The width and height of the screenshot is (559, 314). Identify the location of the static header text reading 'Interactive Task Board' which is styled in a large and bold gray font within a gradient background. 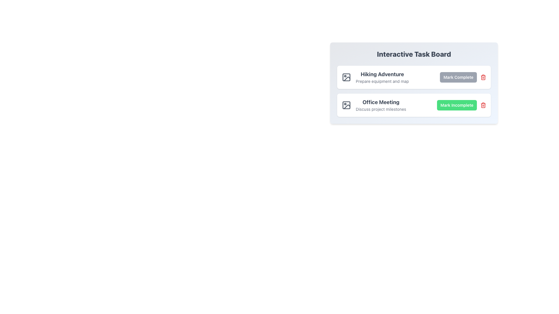
(413, 54).